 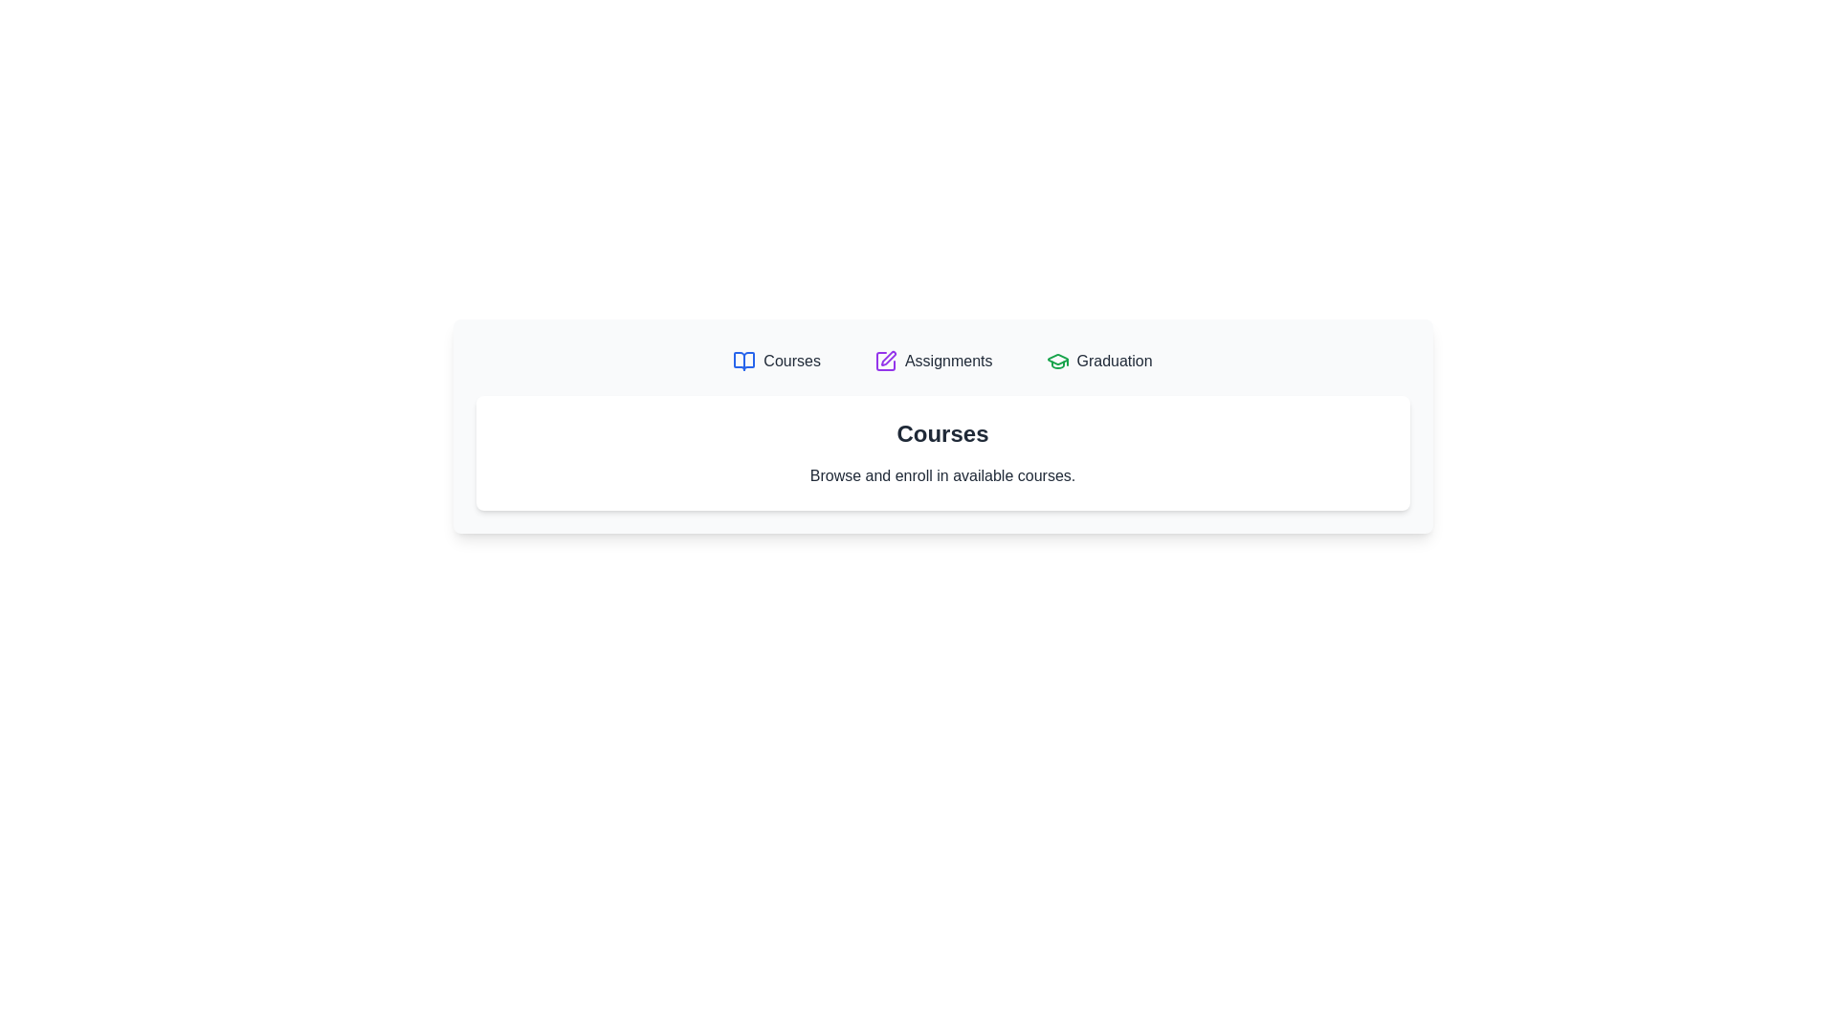 What do you see at coordinates (776, 362) in the screenshot?
I see `the Courses tab by clicking on its corresponding button` at bounding box center [776, 362].